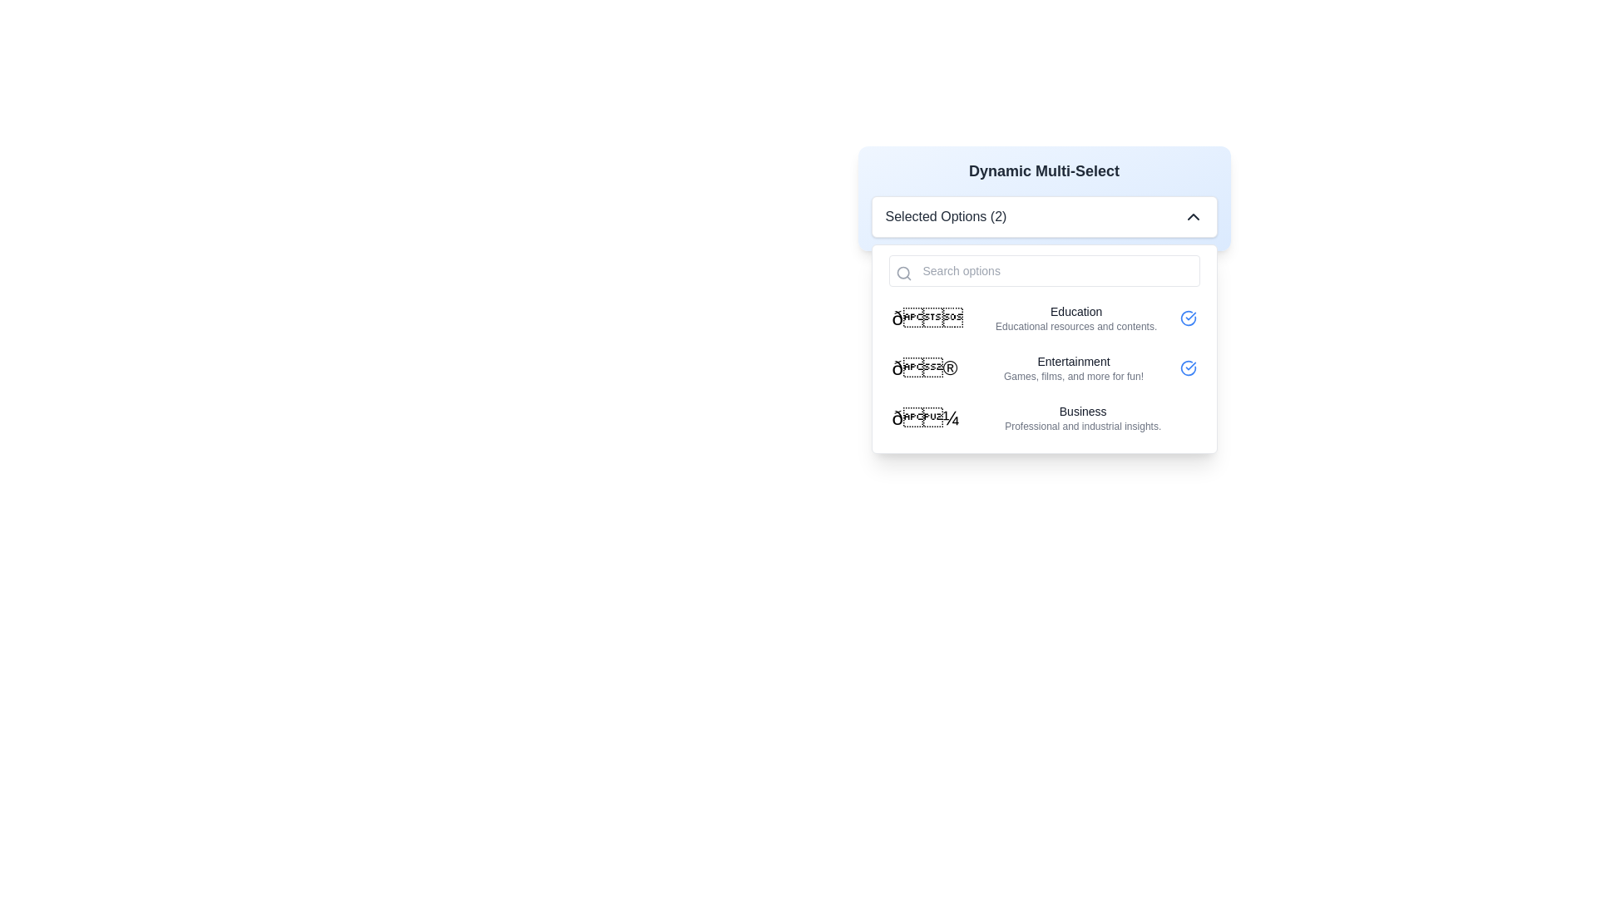 Image resolution: width=1597 pixels, height=898 pixels. What do you see at coordinates (1192, 216) in the screenshot?
I see `the downward-facing chevron icon button located in the top-right corner of the 'Selected Options (2)' input box` at bounding box center [1192, 216].